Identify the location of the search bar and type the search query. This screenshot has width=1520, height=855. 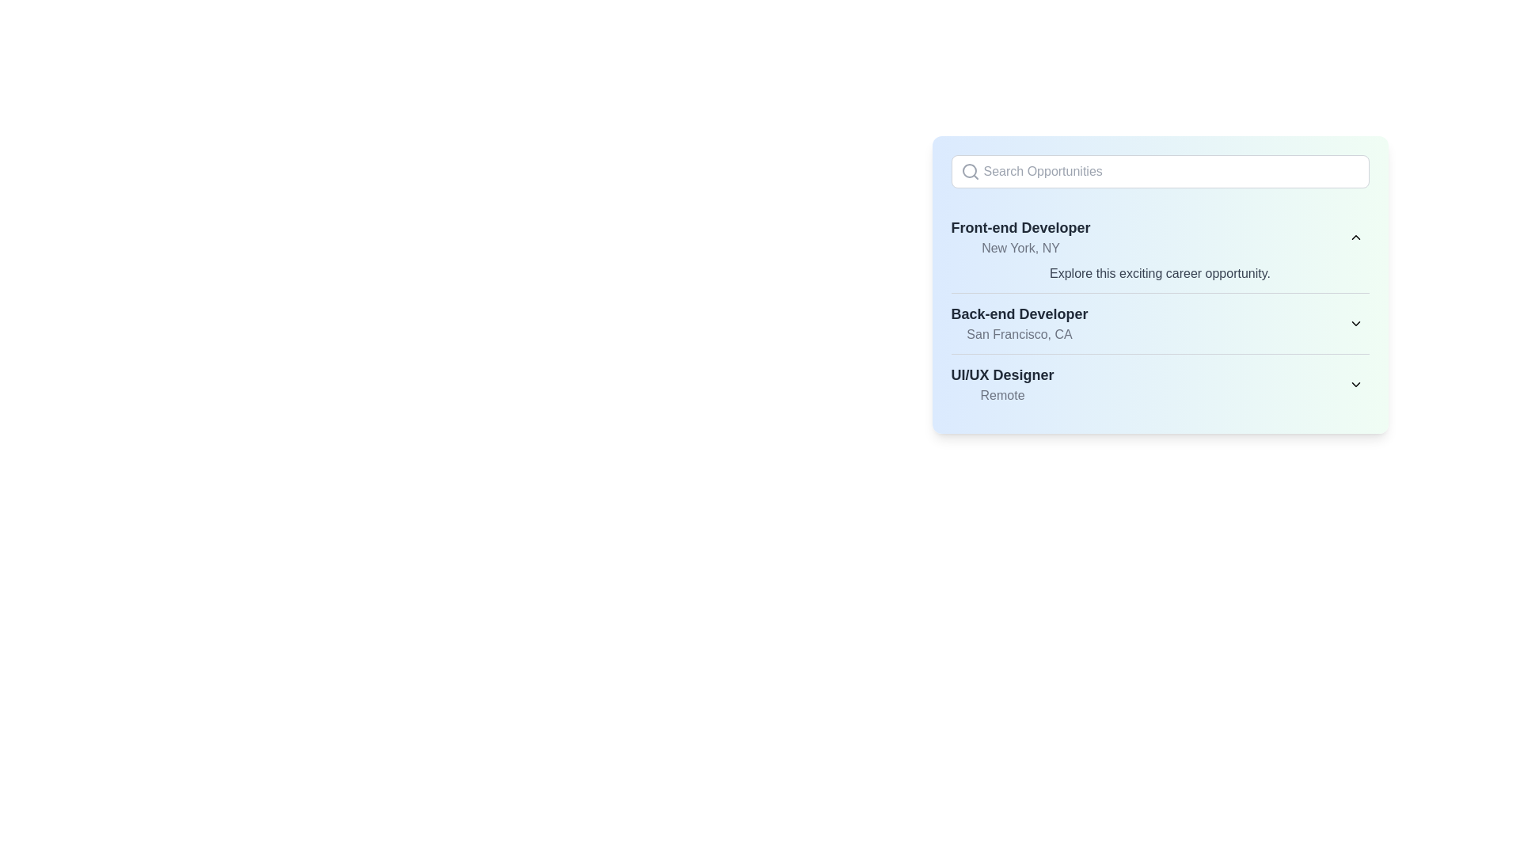
(1160, 171).